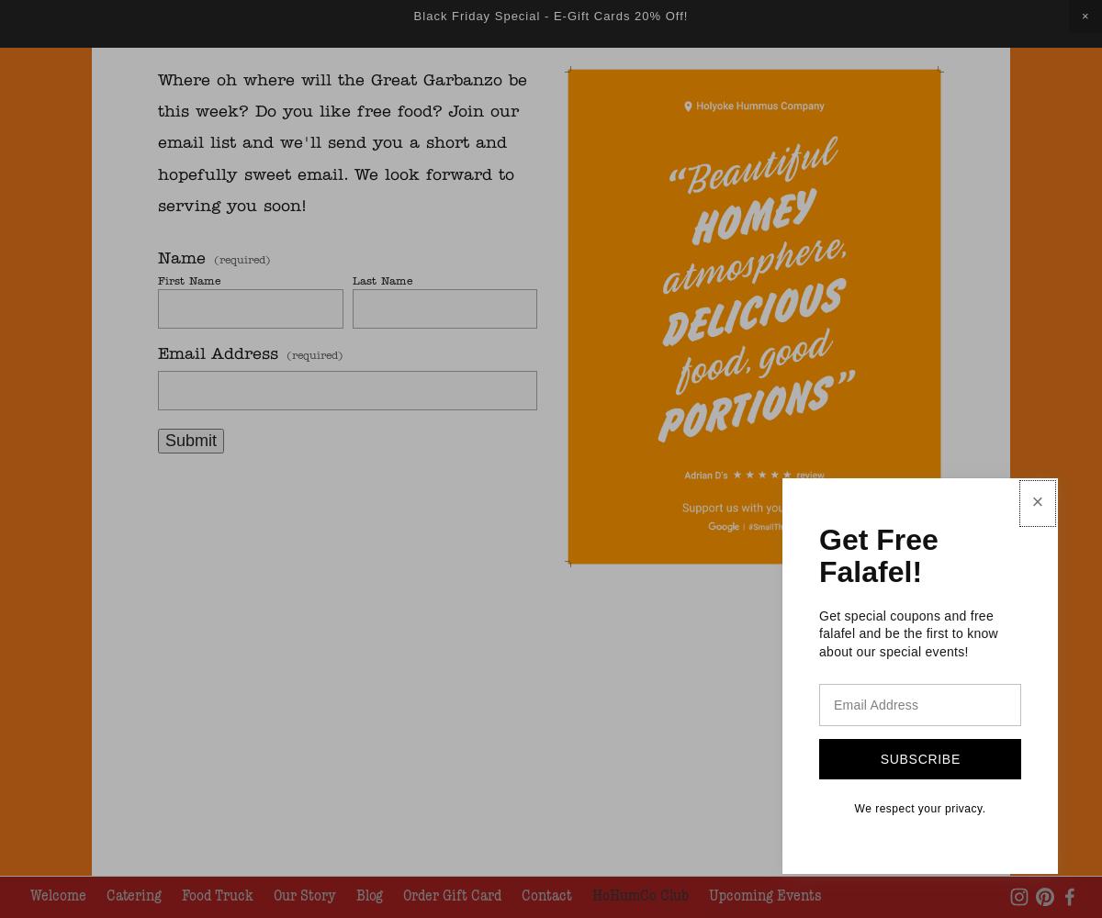 The image size is (1102, 918). Describe the element at coordinates (369, 894) in the screenshot. I see `'Blog'` at that location.